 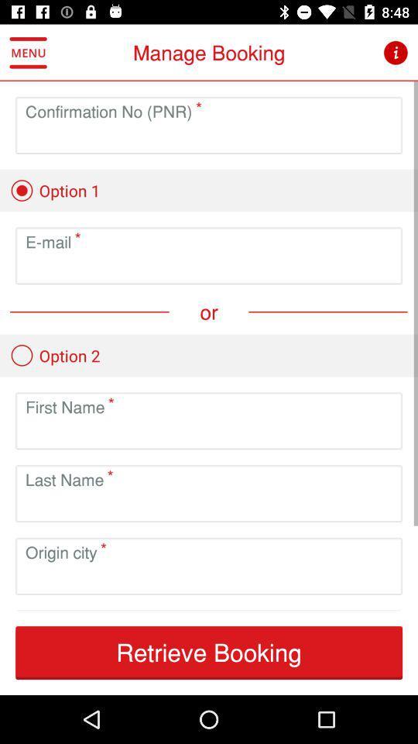 What do you see at coordinates (28, 53) in the screenshot?
I see `the icon next to the manage booking item` at bounding box center [28, 53].